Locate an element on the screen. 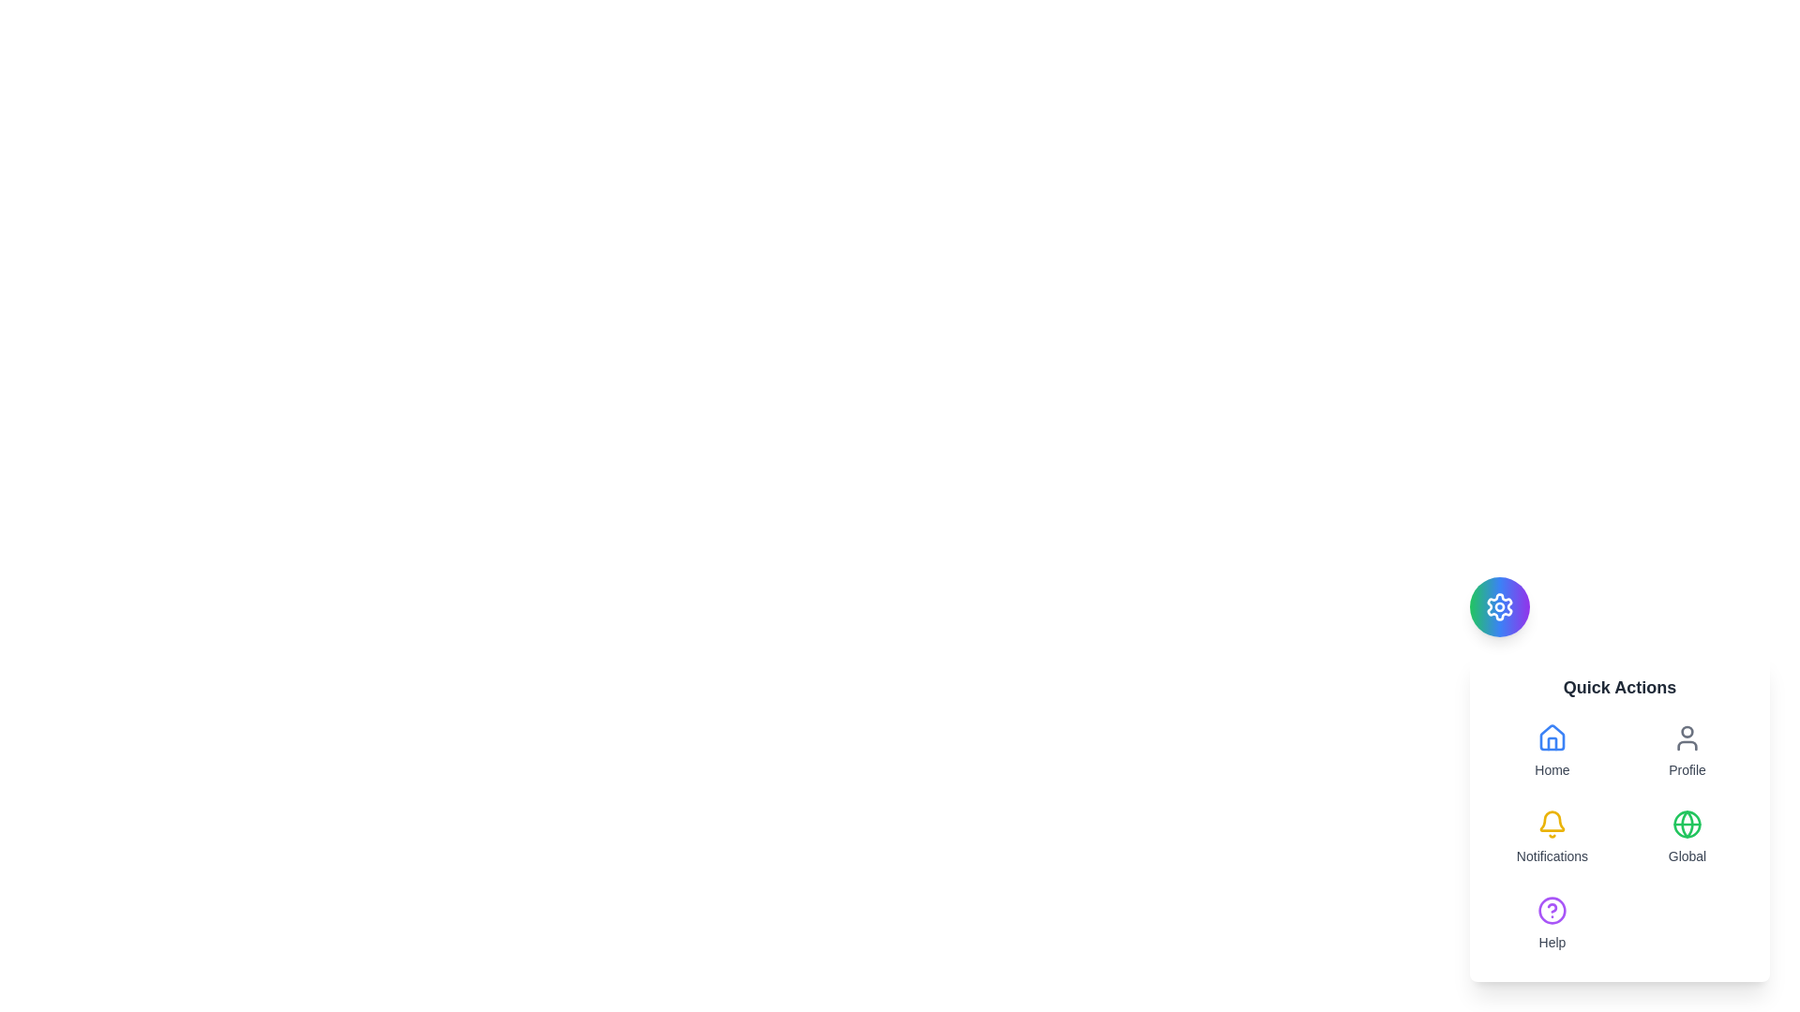 The image size is (1800, 1012). the settings icon located near the bottom-right corner of the interface is located at coordinates (1498, 607).